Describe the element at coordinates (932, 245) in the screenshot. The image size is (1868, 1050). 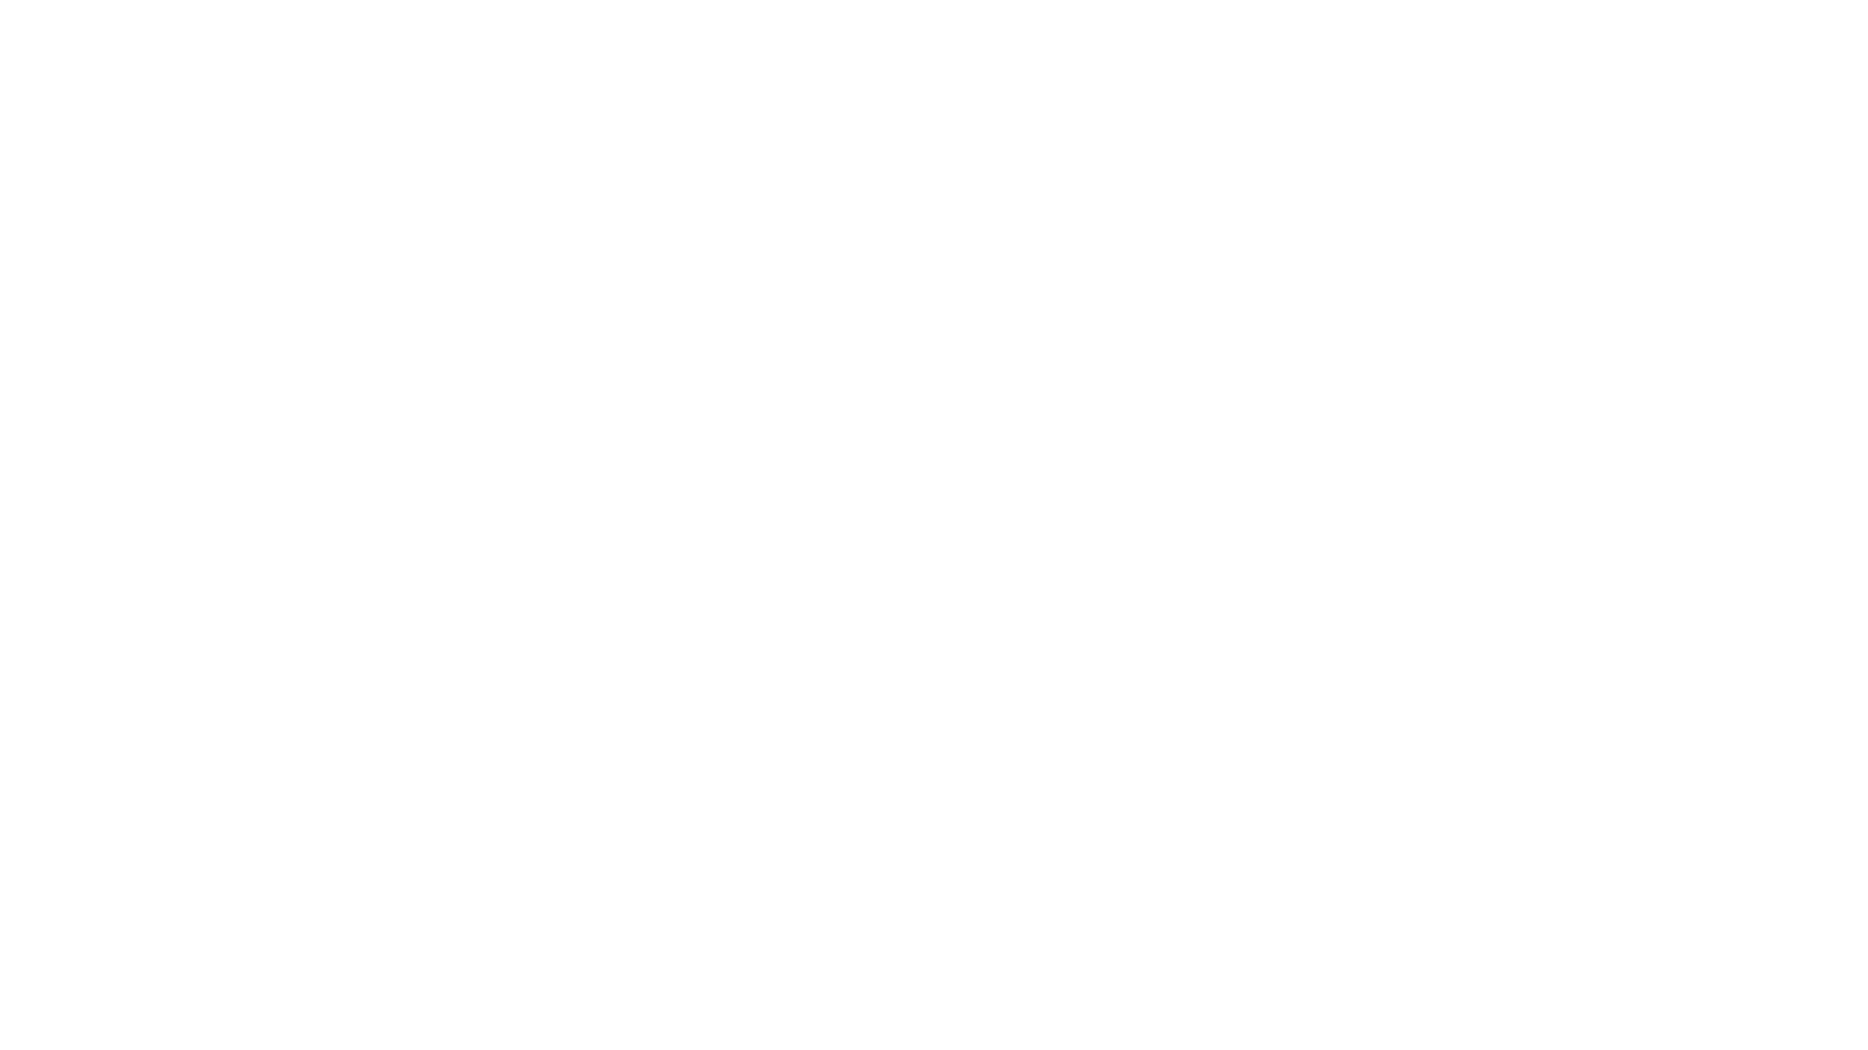
I see `Sa Nogueira Lisboa` at that location.